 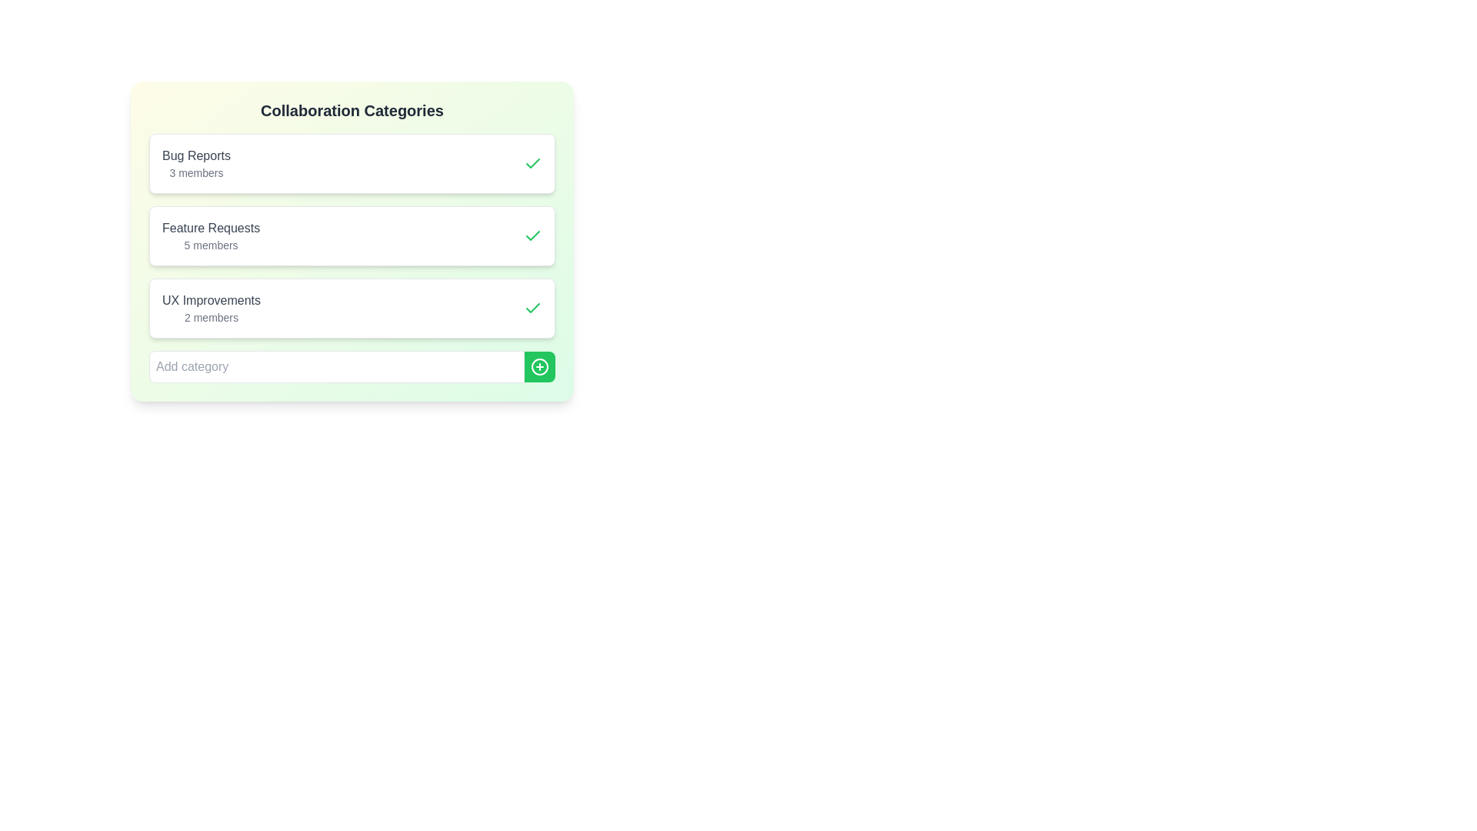 What do you see at coordinates (351, 309) in the screenshot?
I see `the category UX Improvements to observe visual feedback` at bounding box center [351, 309].